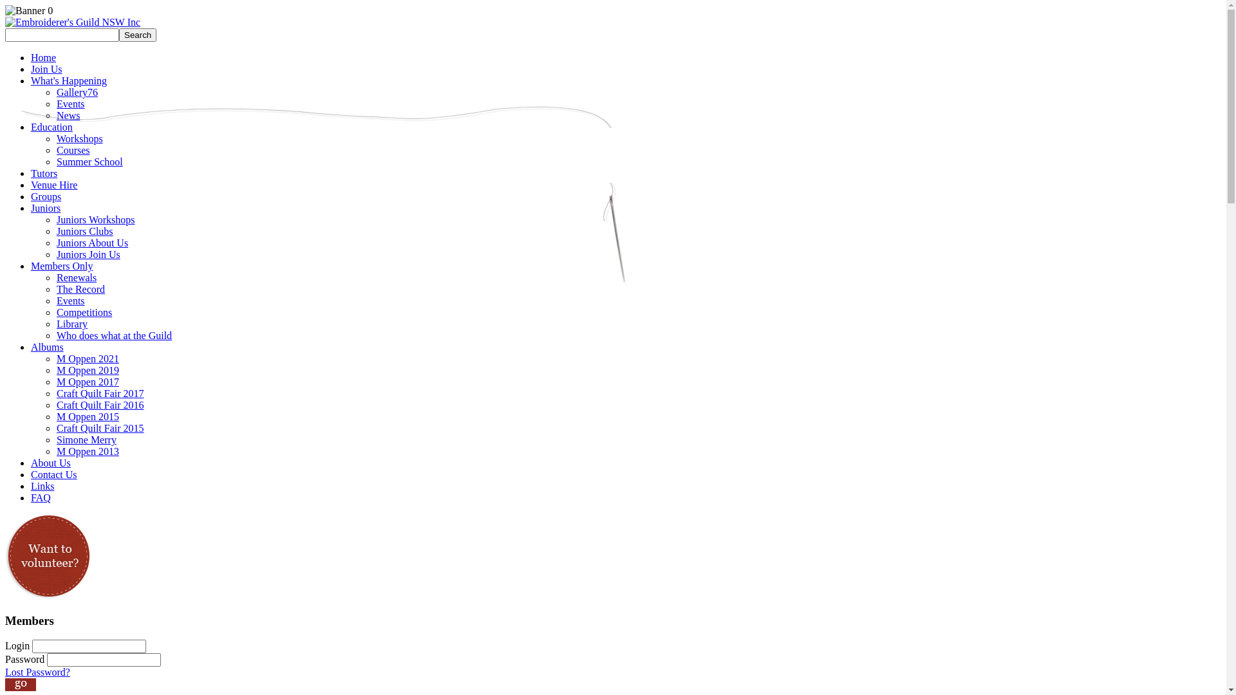  What do you see at coordinates (47, 346) in the screenshot?
I see `'Albums'` at bounding box center [47, 346].